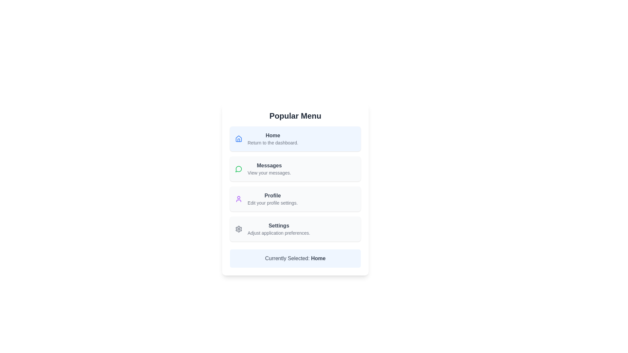 The width and height of the screenshot is (628, 353). Describe the element at coordinates (295, 138) in the screenshot. I see `the menu item labeled Home` at that location.